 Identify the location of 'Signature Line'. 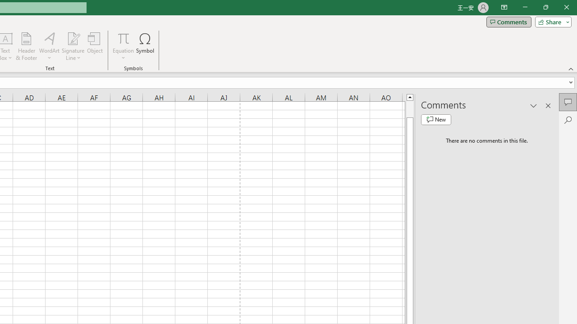
(73, 38).